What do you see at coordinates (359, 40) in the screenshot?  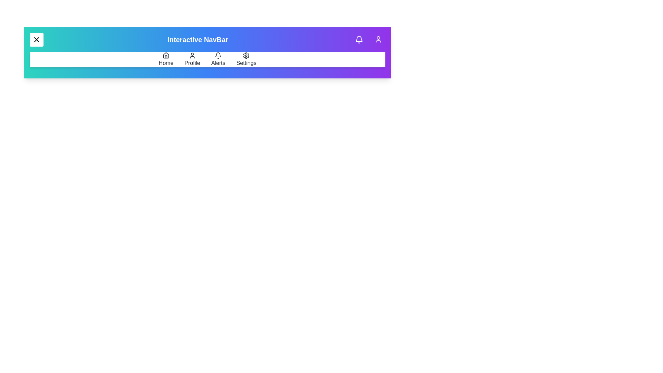 I see `the notifications button in the app bar` at bounding box center [359, 40].